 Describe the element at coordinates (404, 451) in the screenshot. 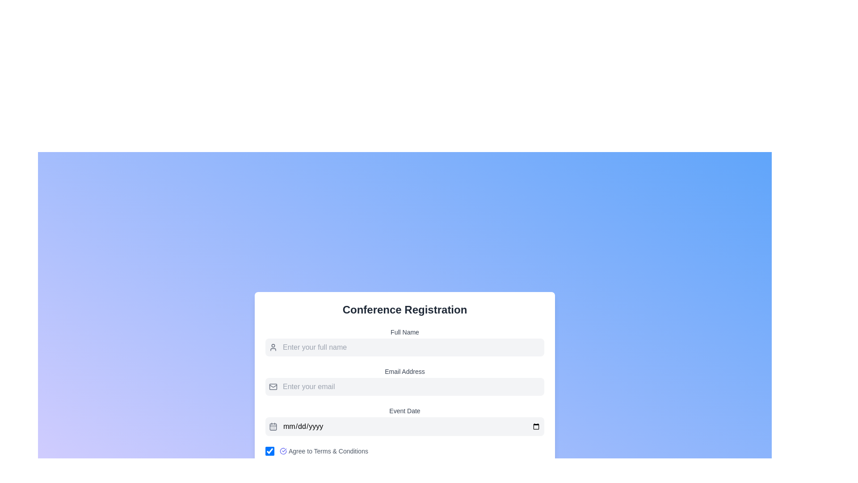

I see `the mouse cursor over the compact checkbox labeled 'Agree` at that location.